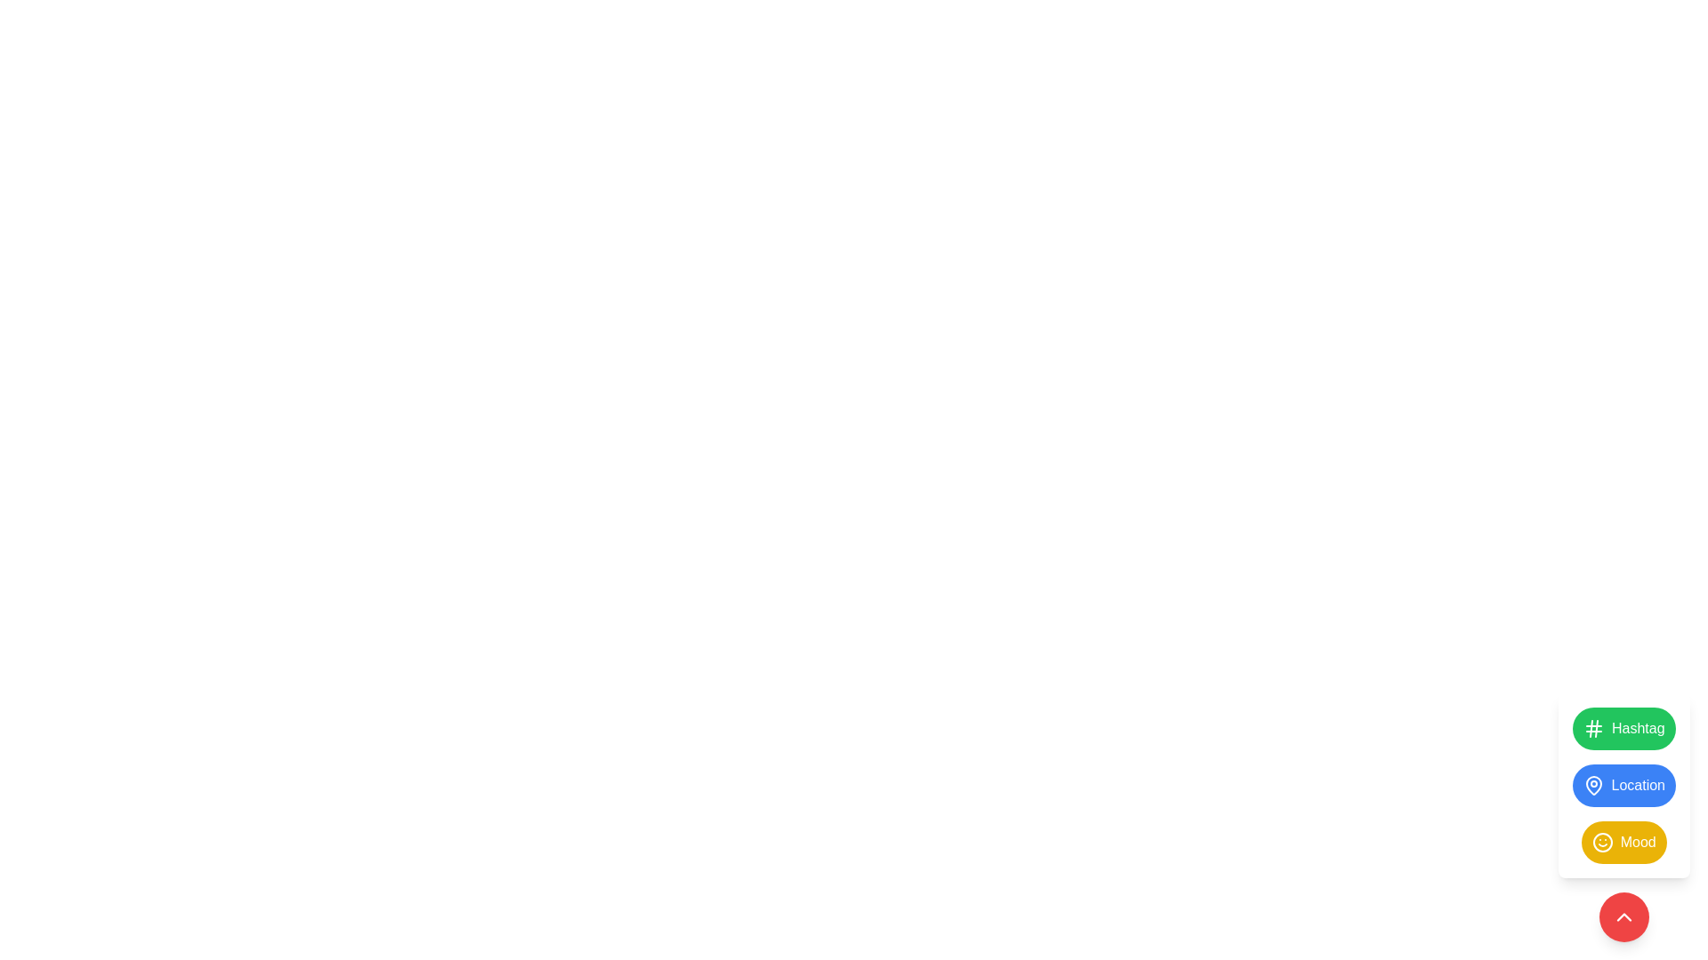 The height and width of the screenshot is (960, 1708). I want to click on the SVG icon with a smiley face design located within a yellow circular background, which is positioned to the left of the 'Mood' button, the third button in a vertical stack, so click(1602, 842).